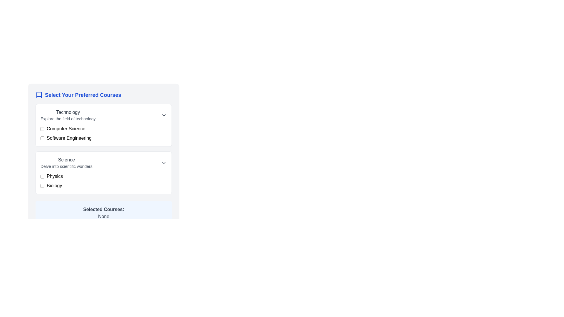  I want to click on the icon representing the context of the section, which is located to the left of the 'Select Your Preferred Courses' text in the header section, so click(39, 95).